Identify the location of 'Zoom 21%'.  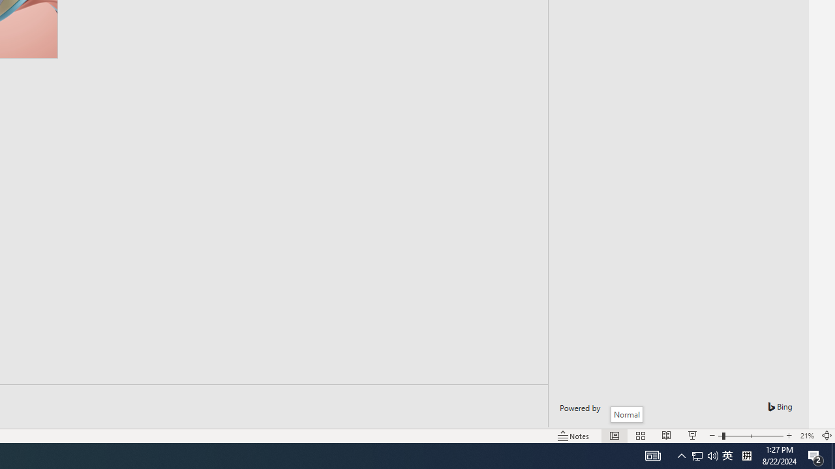
(806, 436).